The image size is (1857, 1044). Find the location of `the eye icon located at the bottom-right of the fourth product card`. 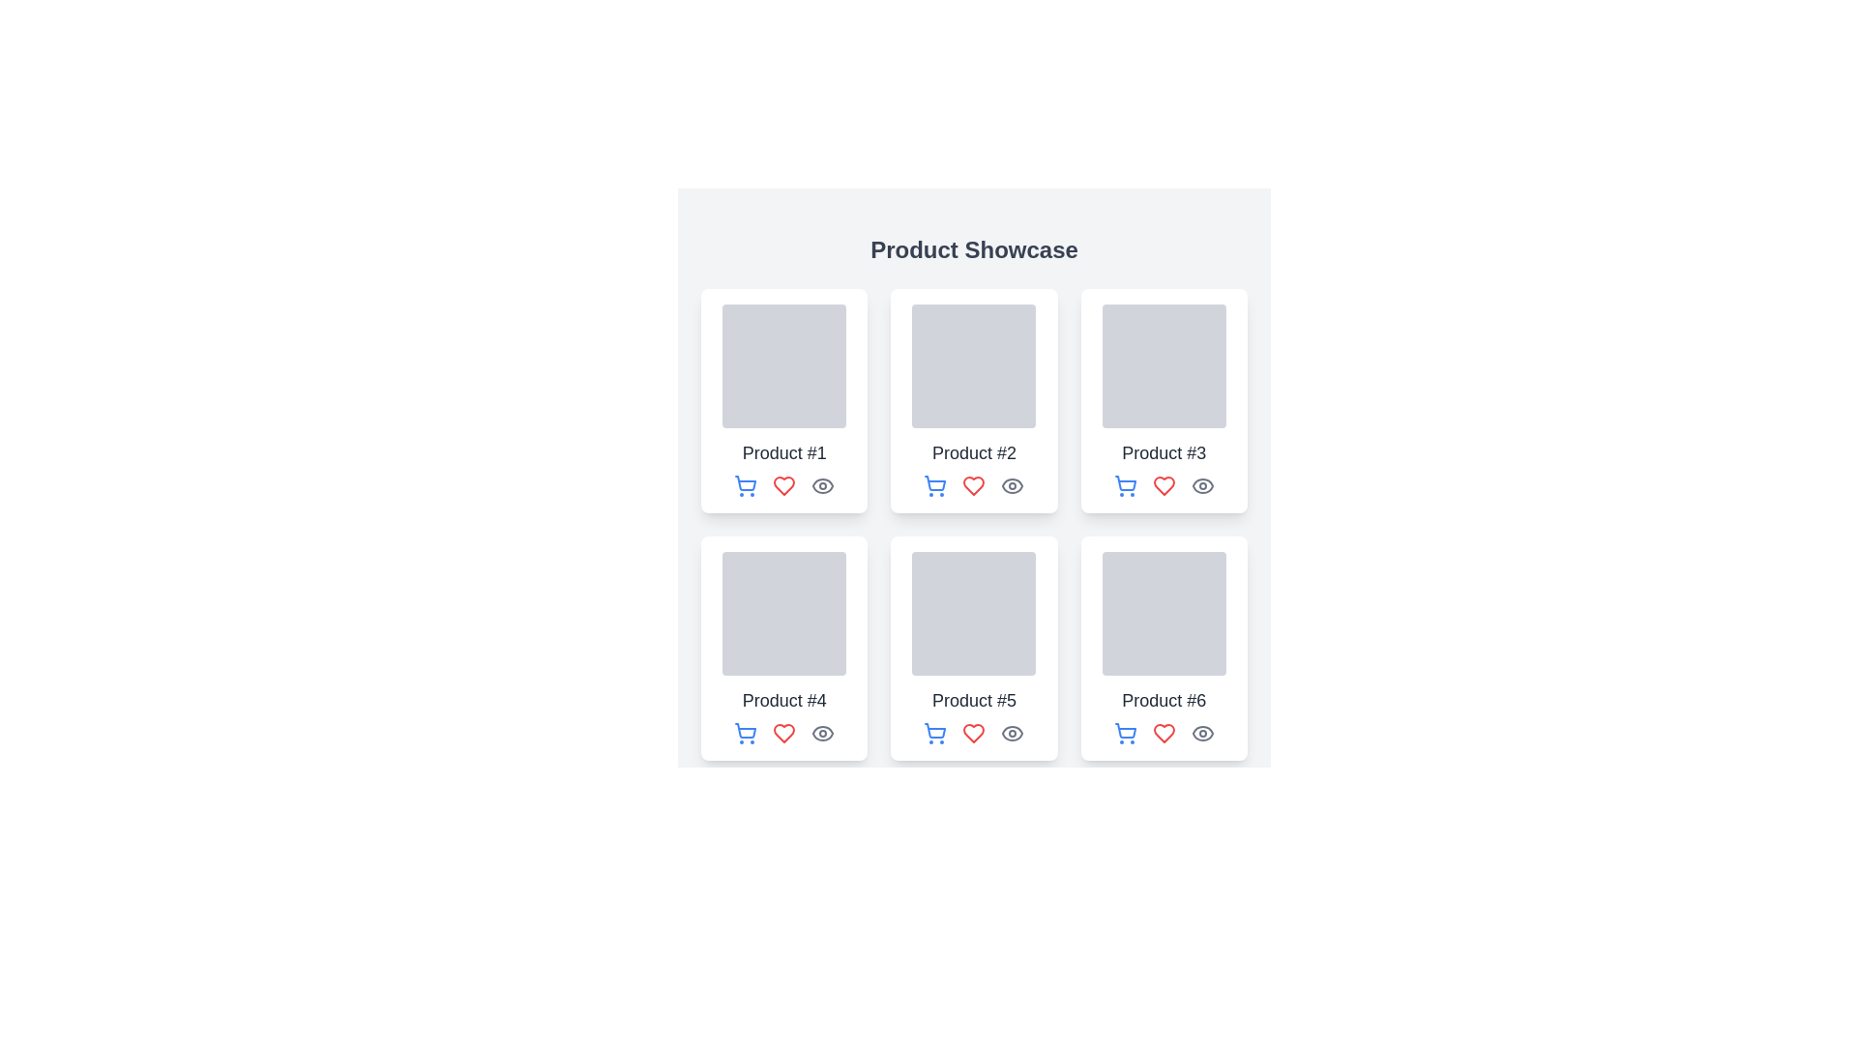

the eye icon located at the bottom-right of the fourth product card is located at coordinates (823, 734).